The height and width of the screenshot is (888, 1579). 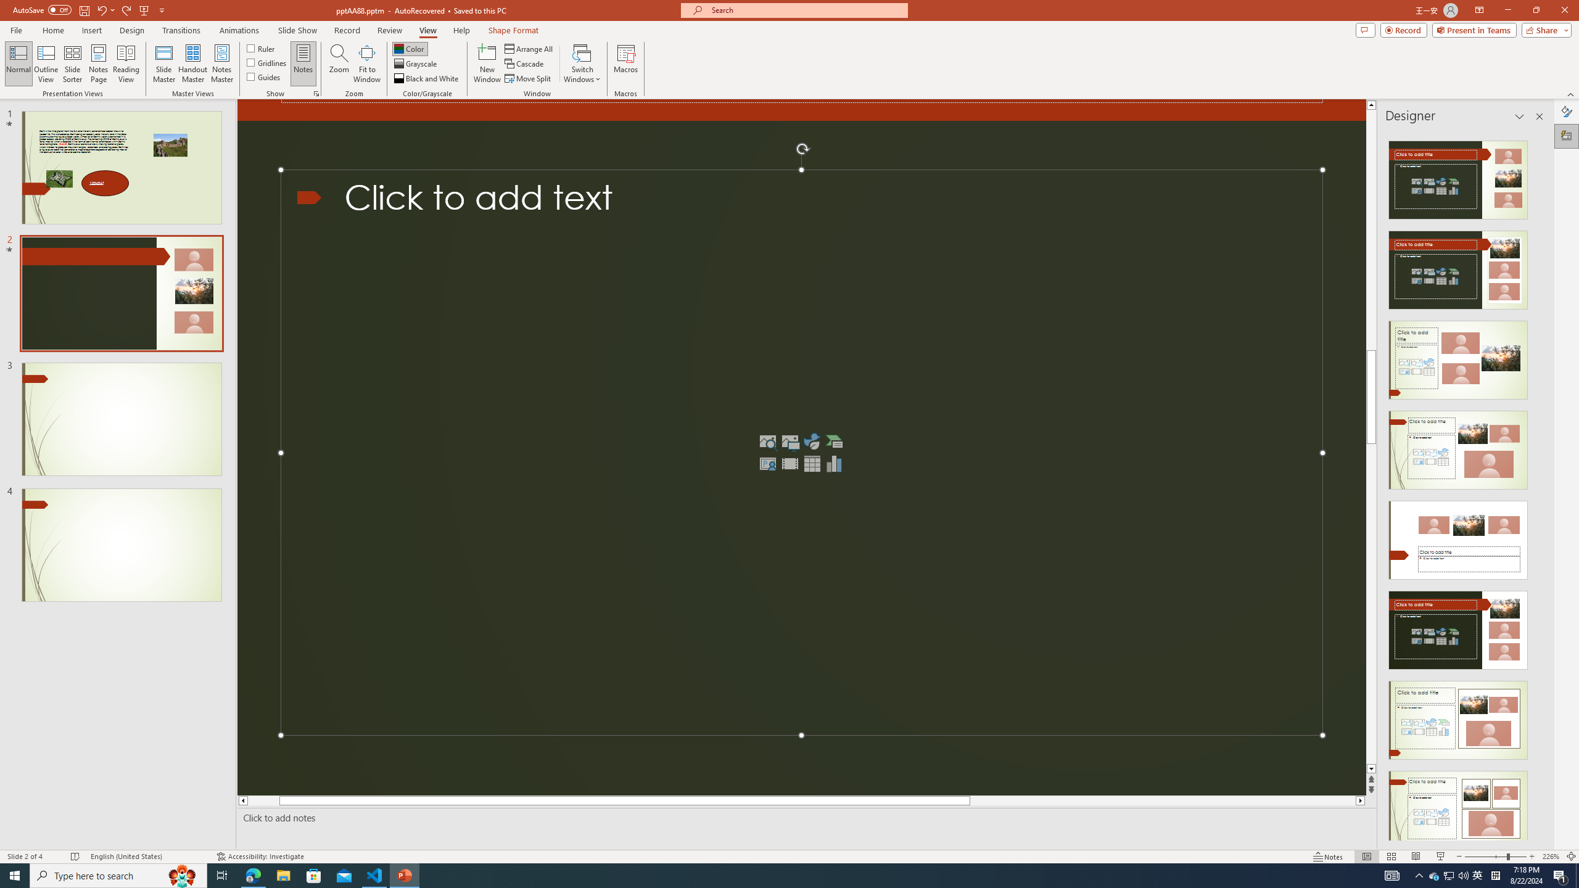 What do you see at coordinates (339, 64) in the screenshot?
I see `'Zoom...'` at bounding box center [339, 64].